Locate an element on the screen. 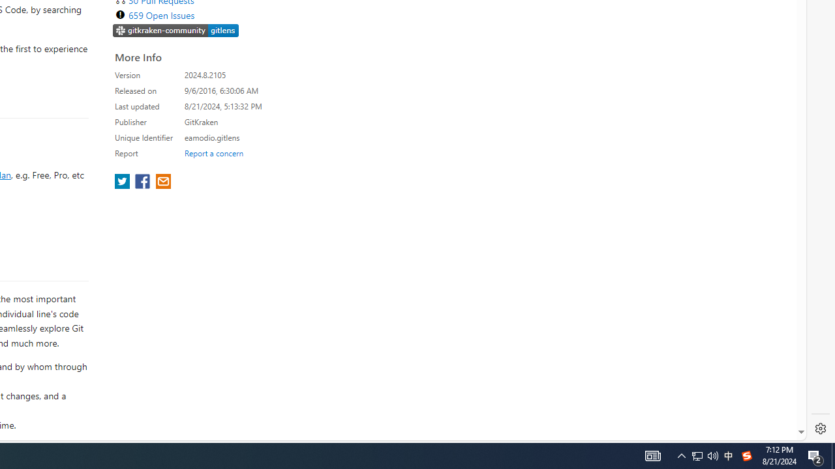 Image resolution: width=835 pixels, height=469 pixels. 'share extension on email' is located at coordinates (162, 182).